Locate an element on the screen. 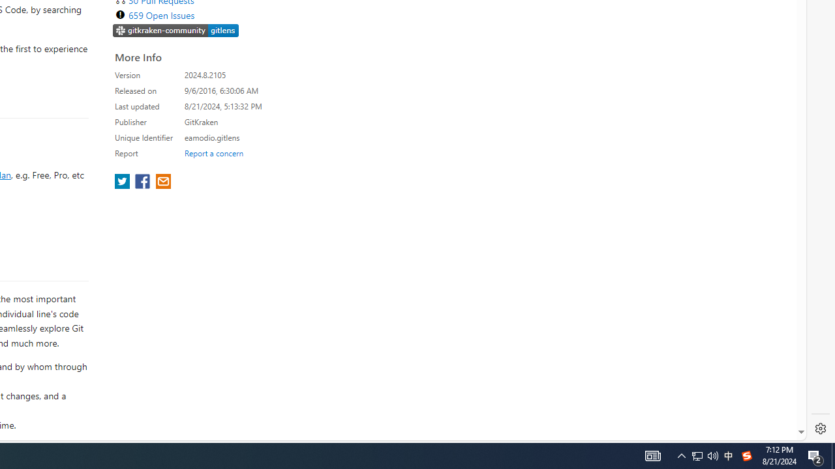 Image resolution: width=835 pixels, height=469 pixels. 'share extension on email' is located at coordinates (162, 182).